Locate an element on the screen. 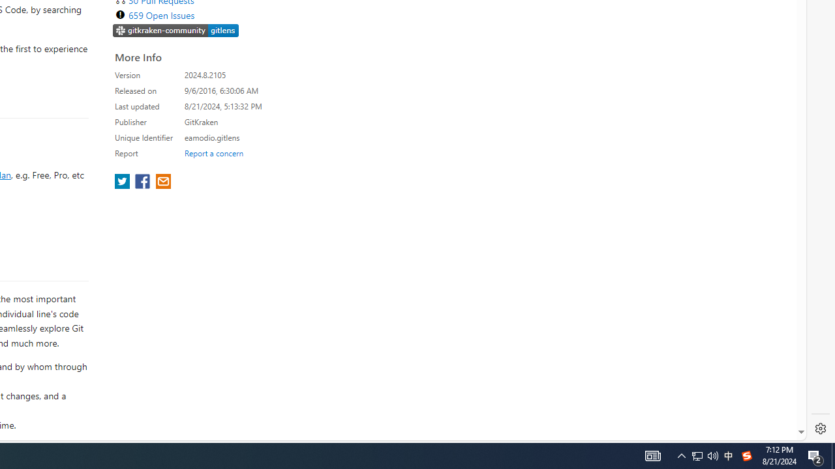 Image resolution: width=835 pixels, height=469 pixels. 'share extension on email' is located at coordinates (162, 182).